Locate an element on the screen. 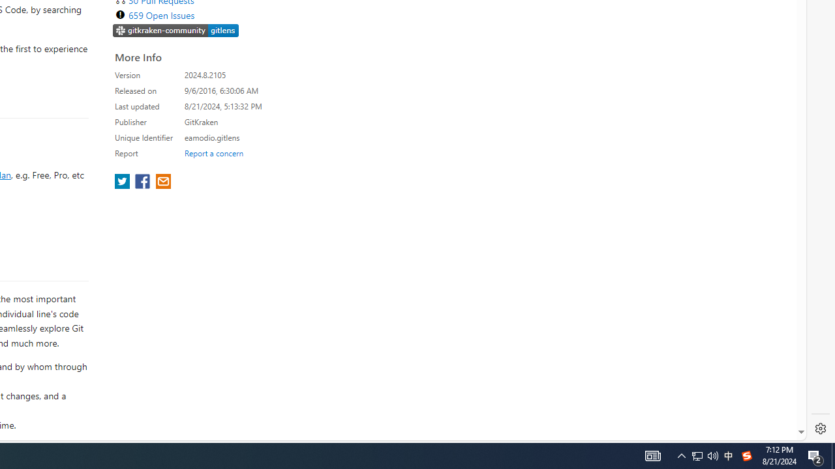 Image resolution: width=835 pixels, height=469 pixels. 'share extension on email' is located at coordinates (162, 182).